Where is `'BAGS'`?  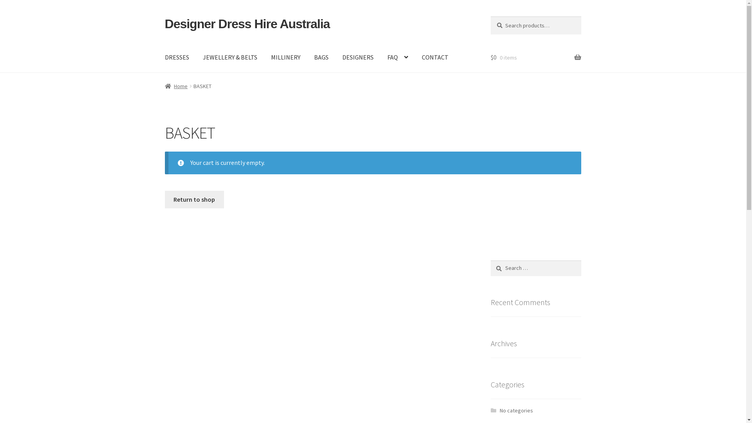 'BAGS' is located at coordinates (307, 57).